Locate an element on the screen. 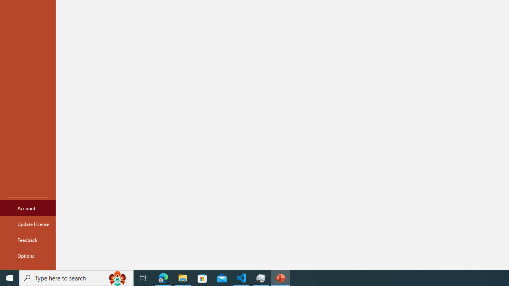 Image resolution: width=509 pixels, height=286 pixels. 'Microsoft Edge - 1 running window' is located at coordinates (163, 277).